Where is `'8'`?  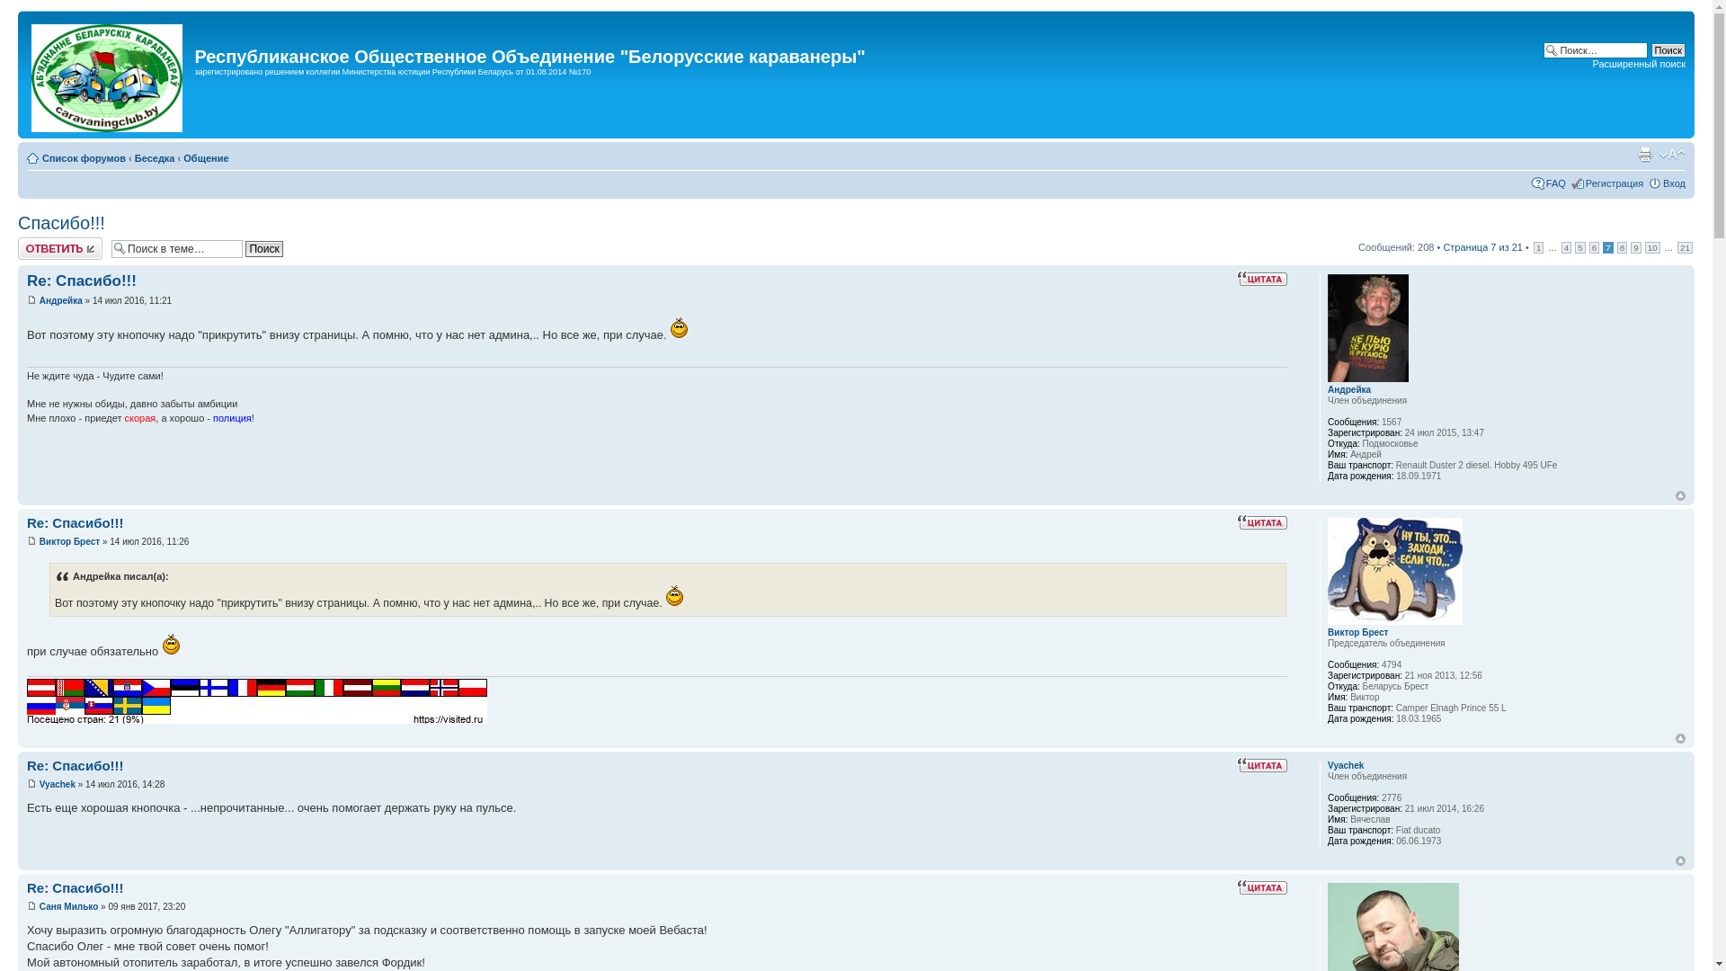
'8' is located at coordinates (1617, 247).